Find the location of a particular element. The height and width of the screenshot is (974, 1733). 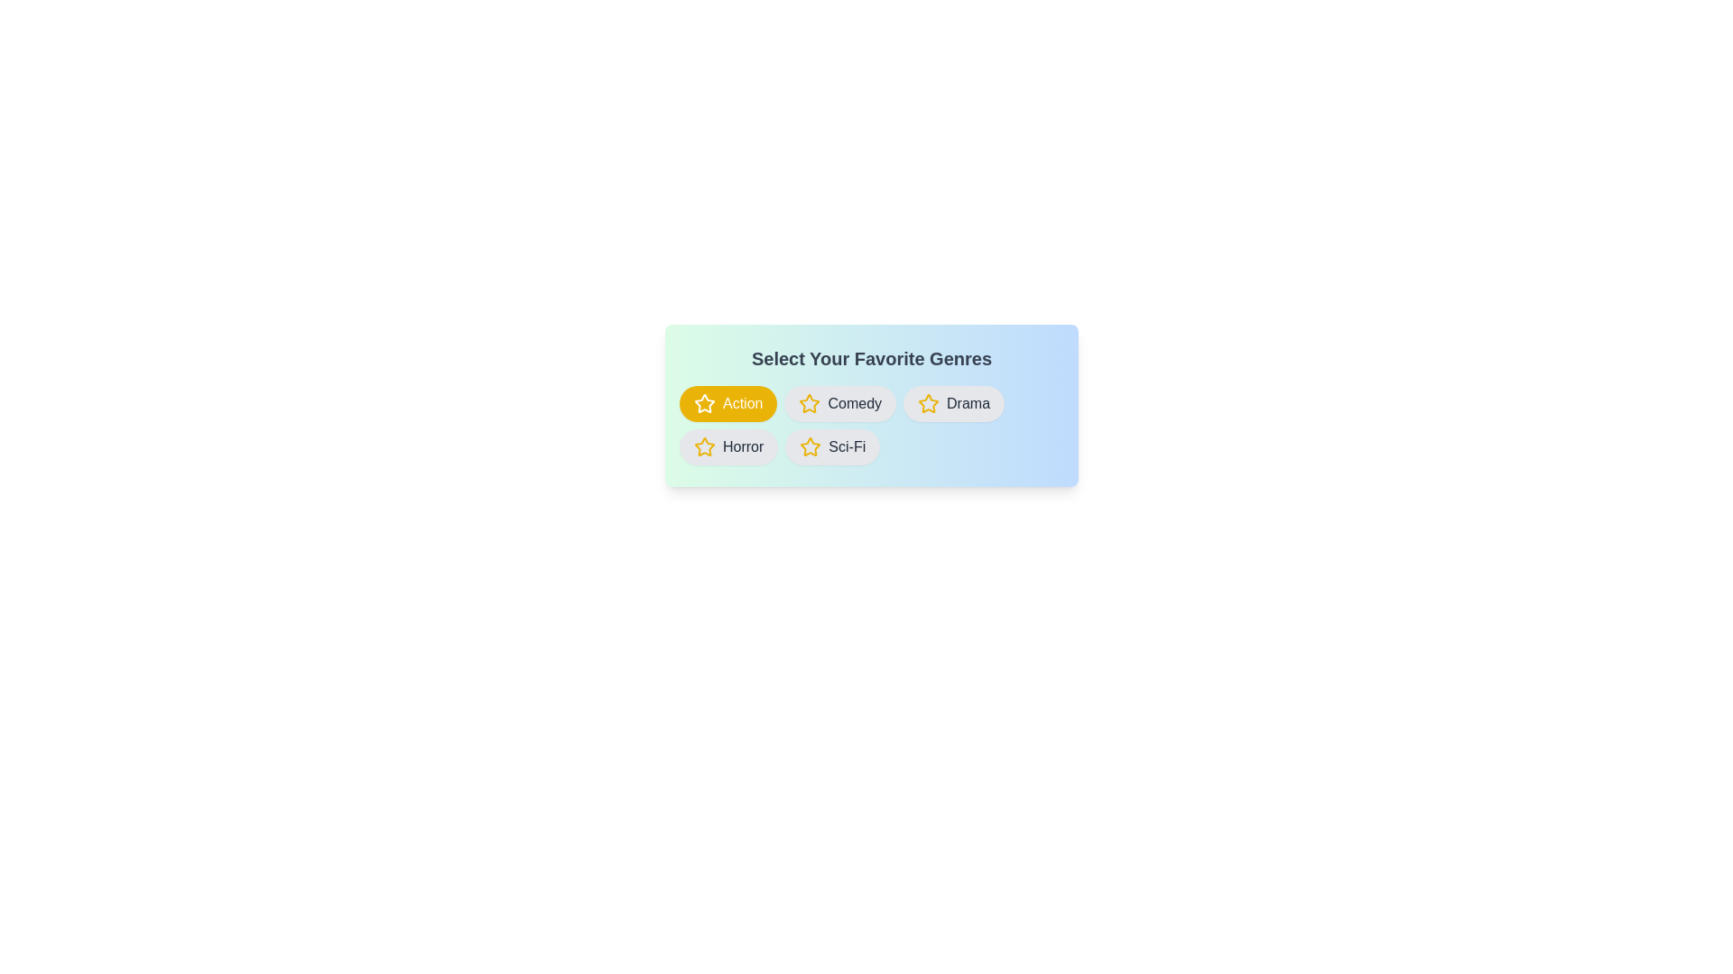

the category Action to observe the hover effect is located at coordinates (727, 402).